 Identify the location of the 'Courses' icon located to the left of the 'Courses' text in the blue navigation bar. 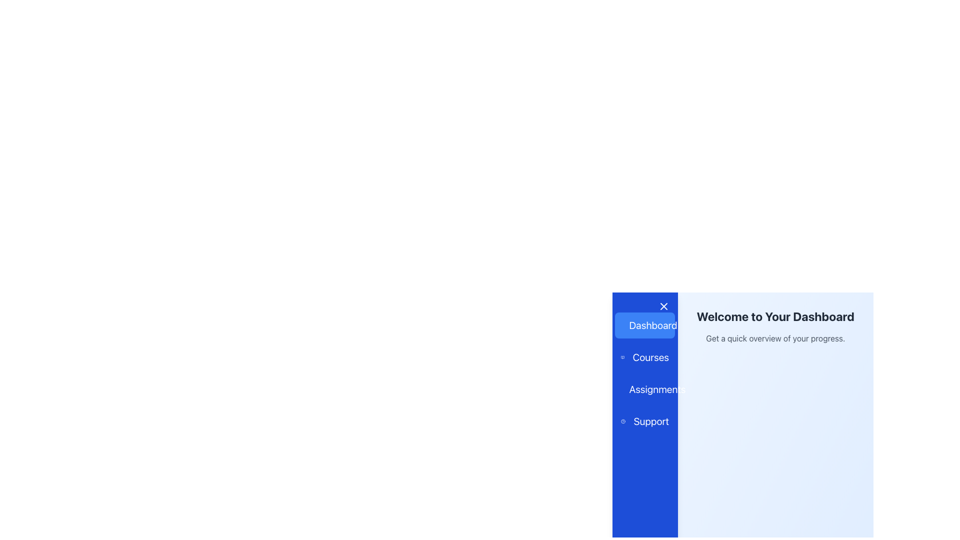
(622, 356).